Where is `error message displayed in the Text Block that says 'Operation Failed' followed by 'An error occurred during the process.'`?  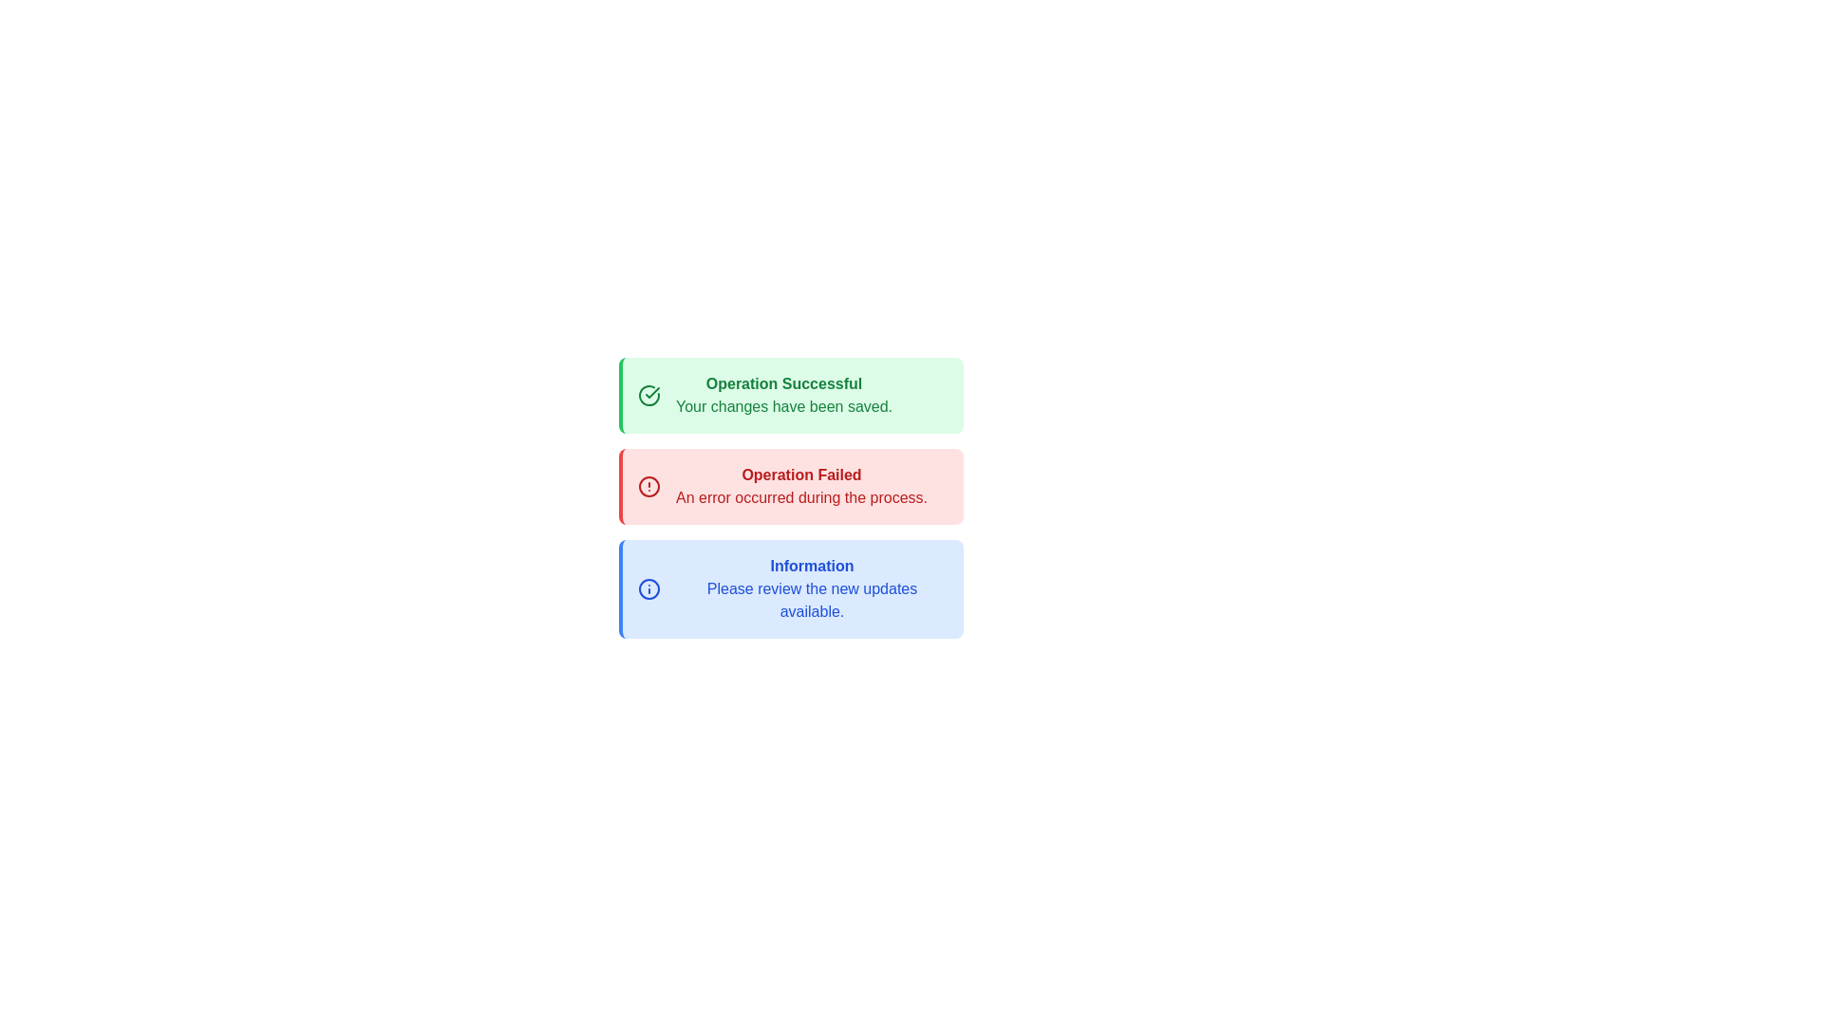
error message displayed in the Text Block that says 'Operation Failed' followed by 'An error occurred during the process.' is located at coordinates (801, 486).